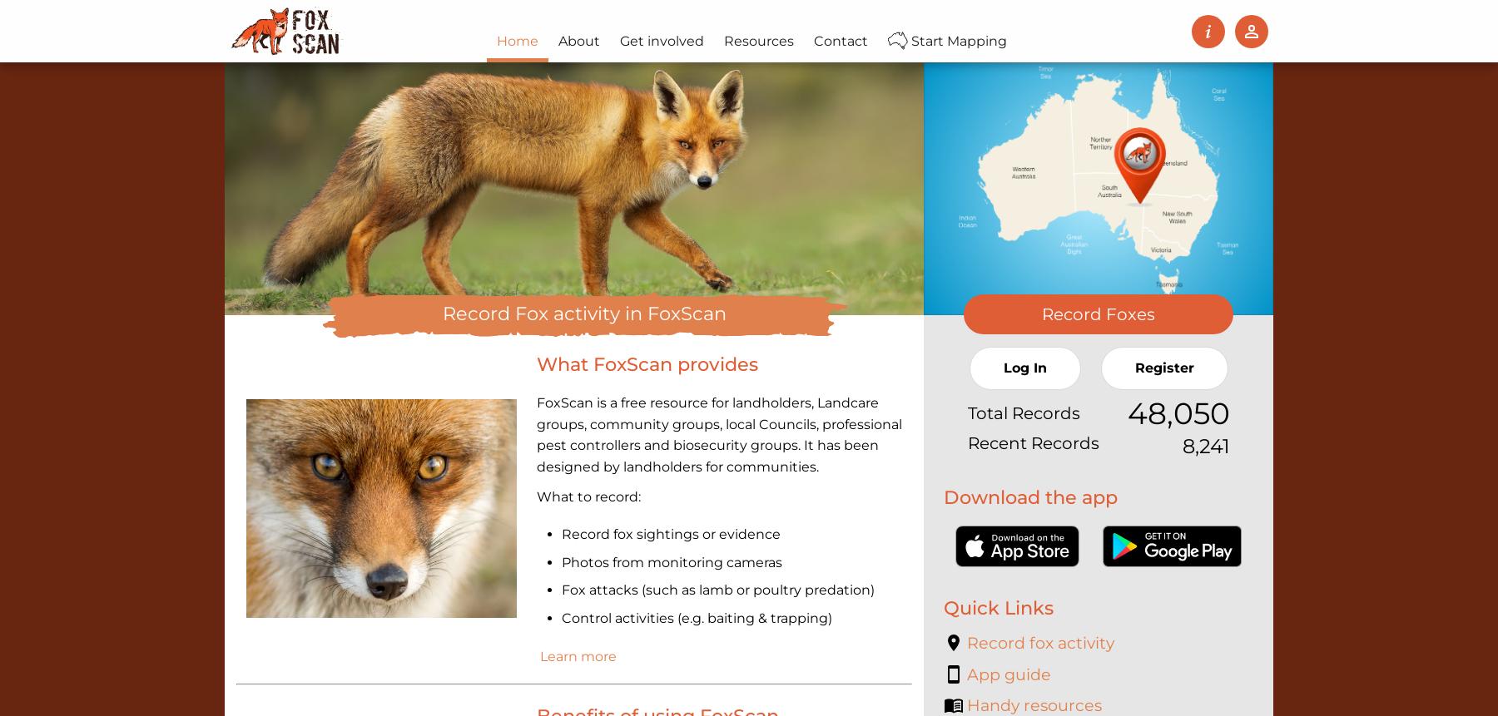 This screenshot has height=716, width=1498. I want to click on 'Start Mapping', so click(957, 41).